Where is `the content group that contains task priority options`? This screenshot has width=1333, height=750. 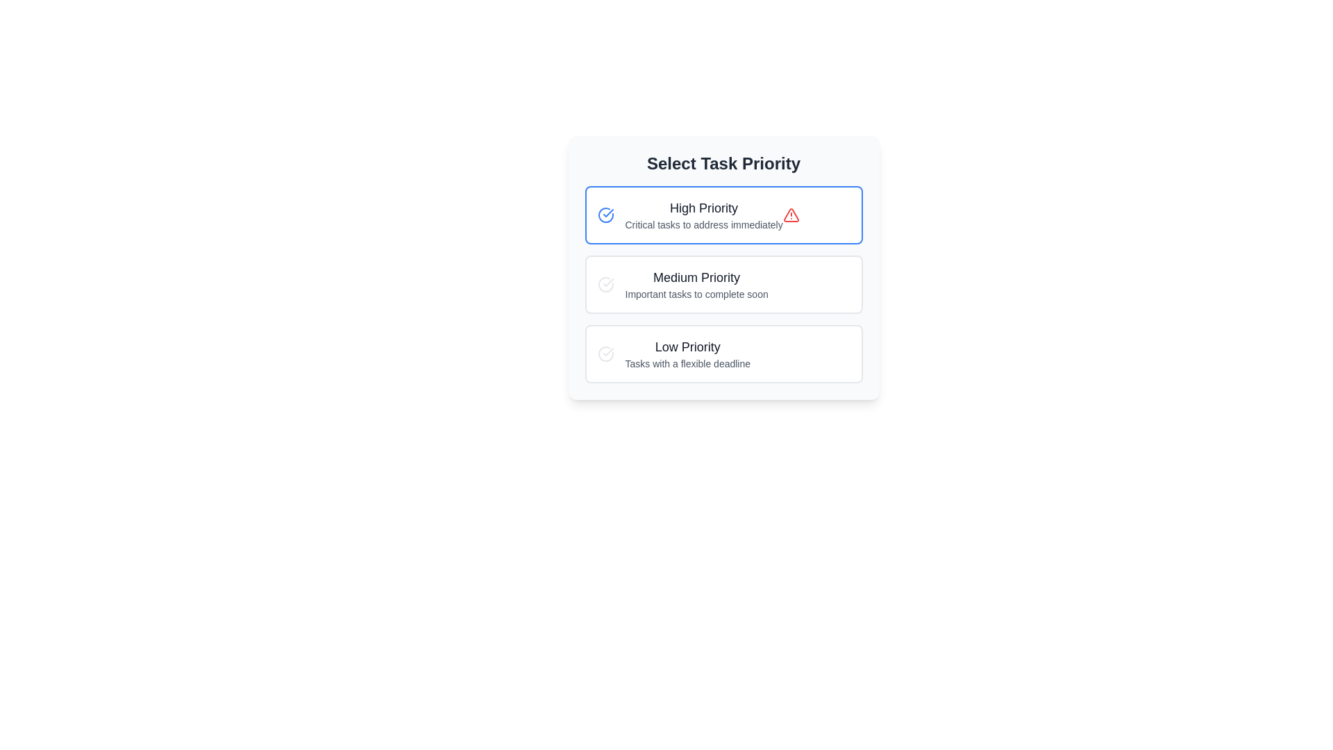
the content group that contains task priority options is located at coordinates (723, 283).